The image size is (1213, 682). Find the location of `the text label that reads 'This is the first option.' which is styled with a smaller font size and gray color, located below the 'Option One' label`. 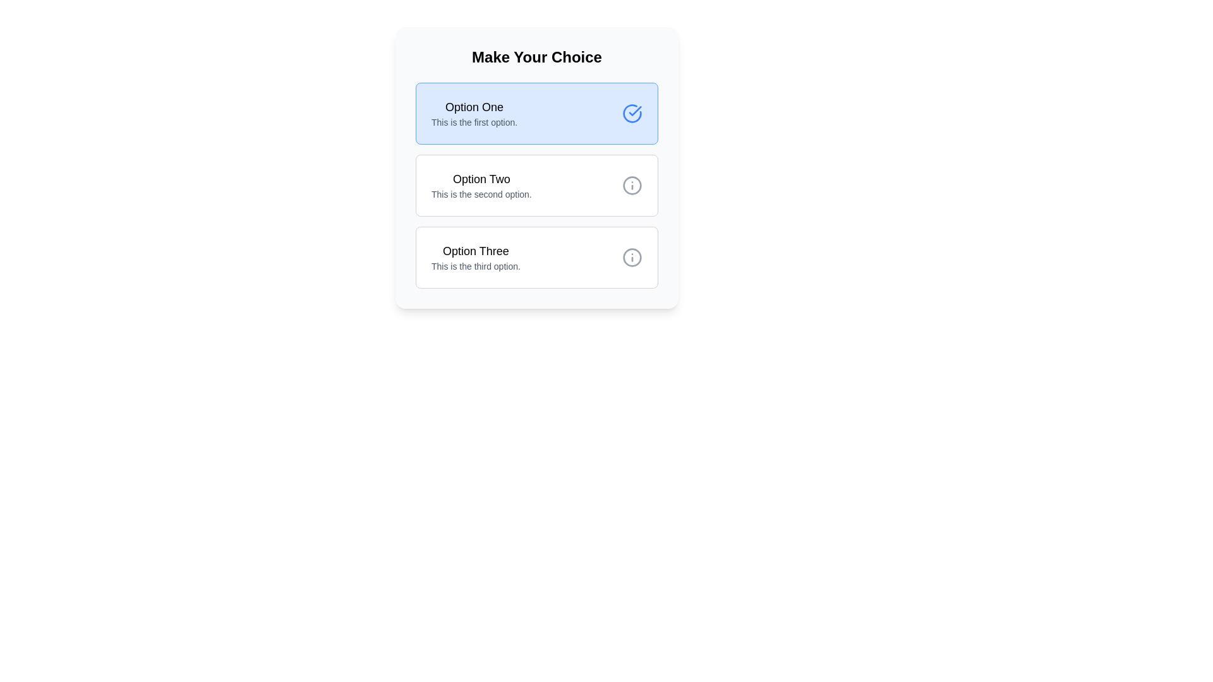

the text label that reads 'This is the first option.' which is styled with a smaller font size and gray color, located below the 'Option One' label is located at coordinates (474, 122).